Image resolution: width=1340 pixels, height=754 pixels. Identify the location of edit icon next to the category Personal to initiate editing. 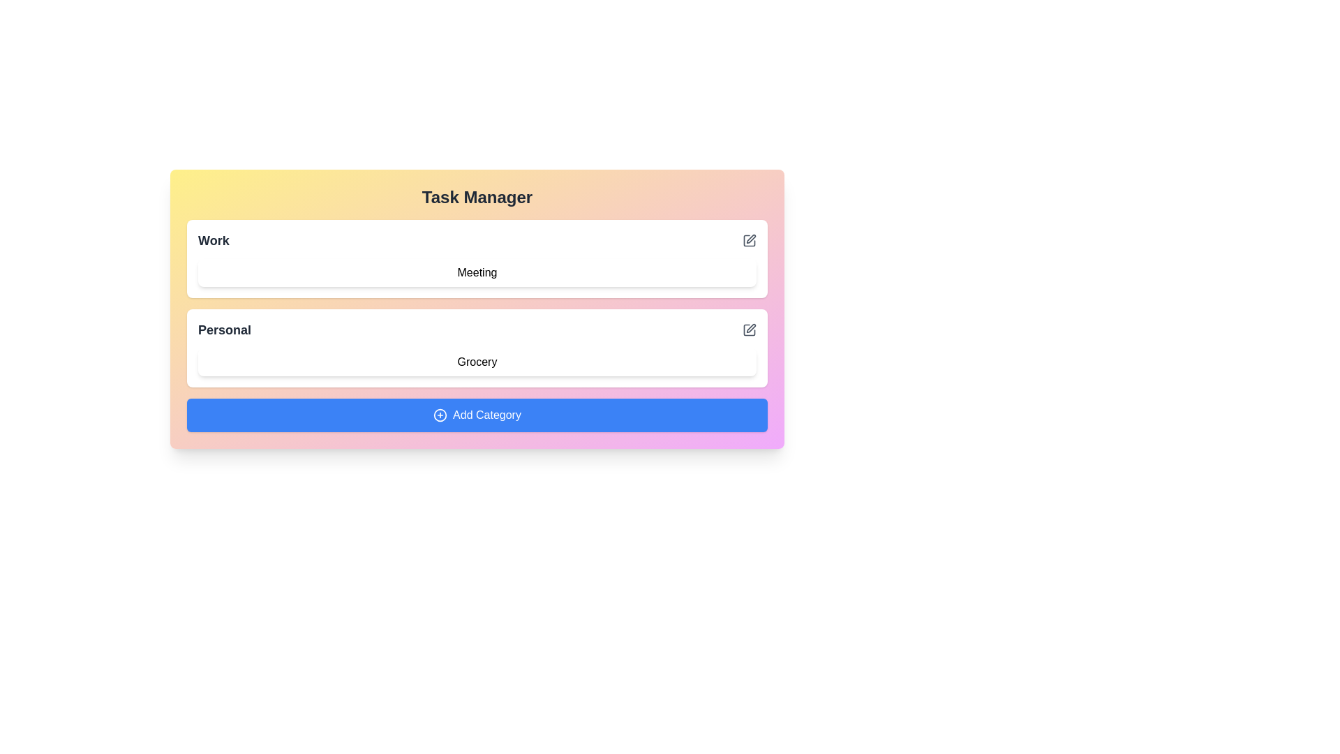
(749, 330).